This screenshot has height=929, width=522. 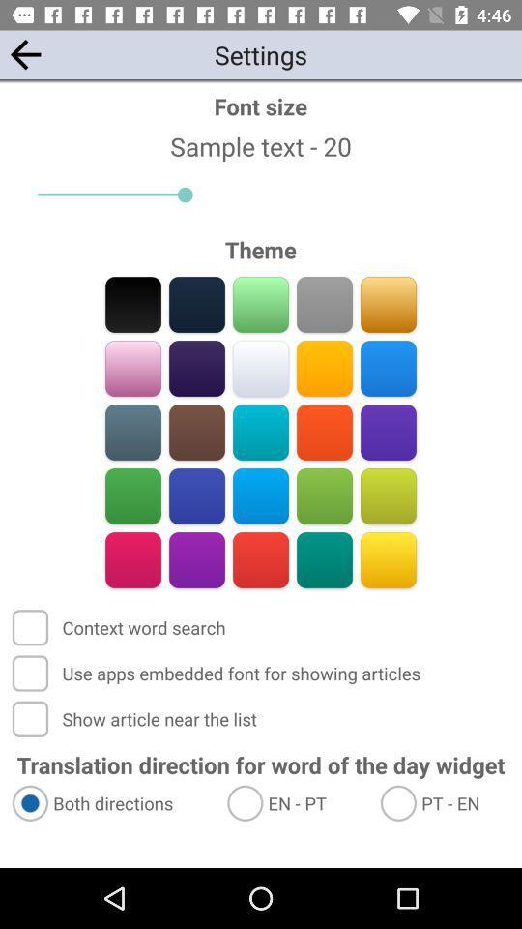 What do you see at coordinates (135, 718) in the screenshot?
I see `the show article near` at bounding box center [135, 718].